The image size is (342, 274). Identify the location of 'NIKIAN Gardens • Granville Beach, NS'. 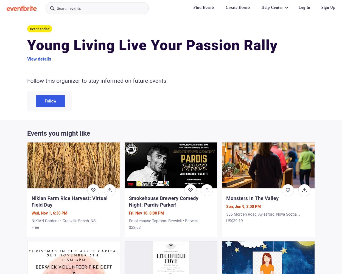
(63, 221).